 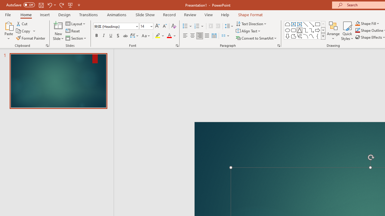 I want to click on 'Shape Fill Orange, Accent 2', so click(x=358, y=23).